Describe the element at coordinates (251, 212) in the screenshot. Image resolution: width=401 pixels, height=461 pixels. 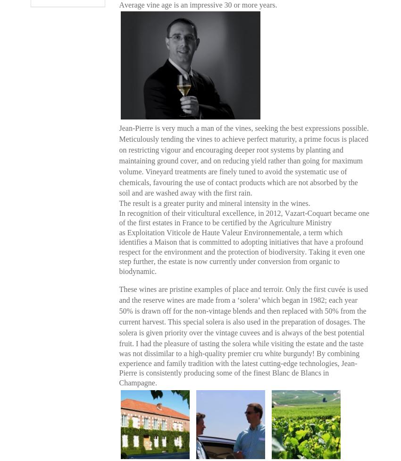
I see `'excellence, in 2012,'` at that location.